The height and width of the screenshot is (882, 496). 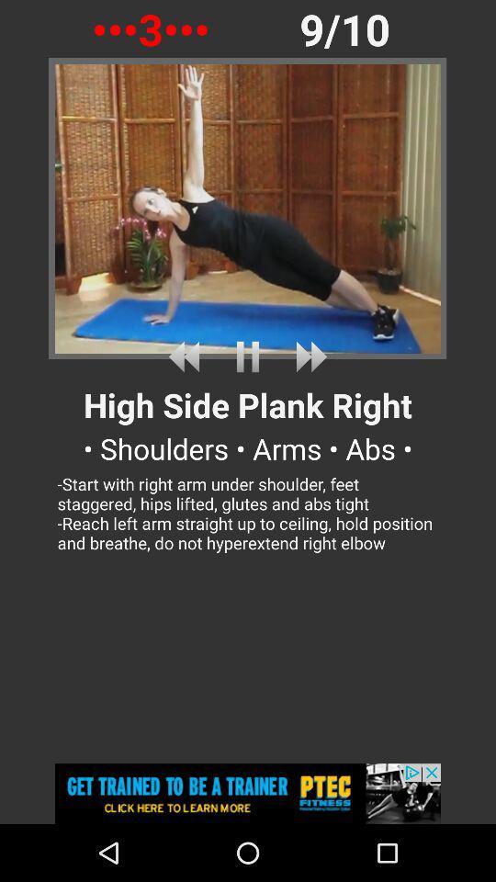 I want to click on previous exercise, so click(x=186, y=356).